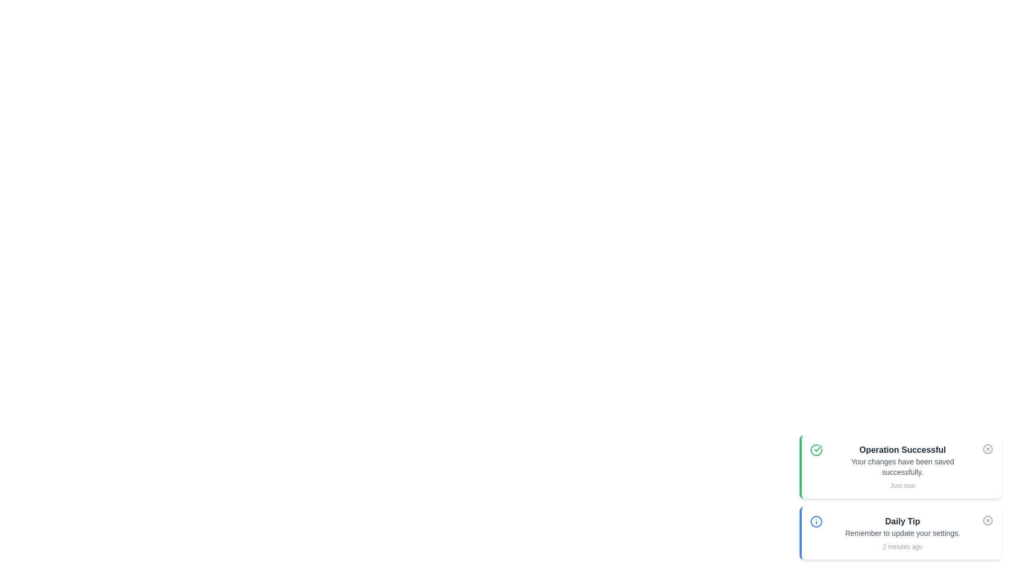 This screenshot has width=1010, height=568. I want to click on the circular green SVG icon located within the 'Operation Successful' notification card, positioned to the left of the text, so click(815, 450).